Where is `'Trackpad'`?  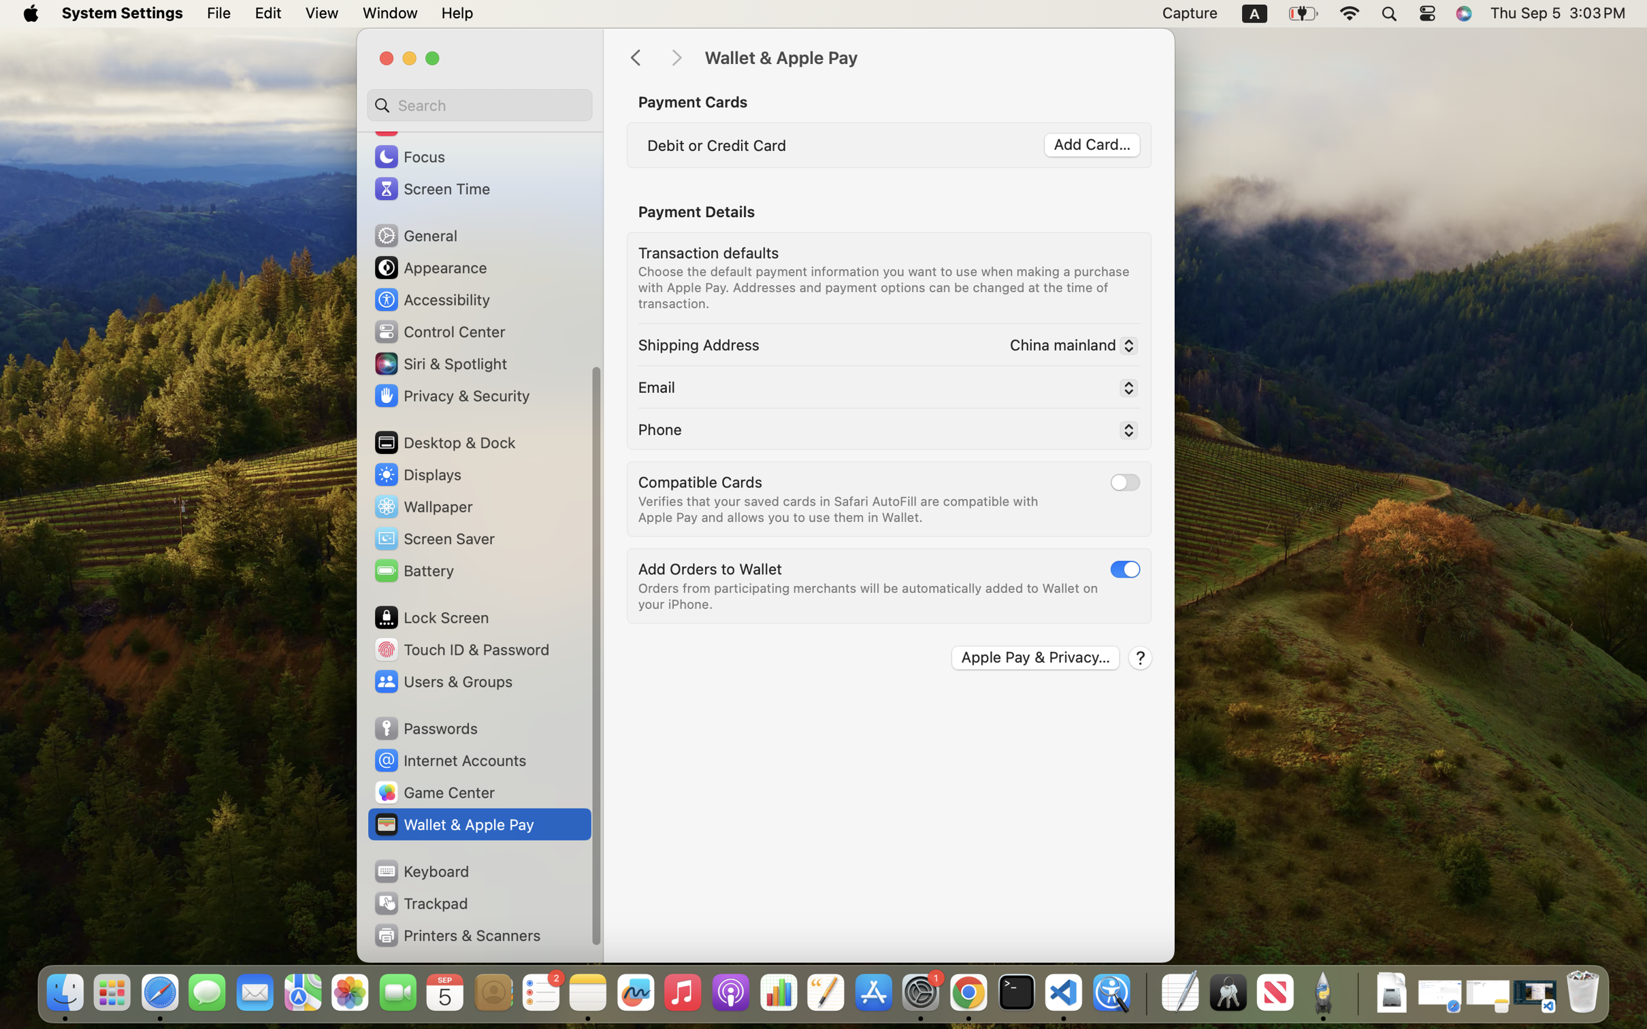
'Trackpad' is located at coordinates (419, 902).